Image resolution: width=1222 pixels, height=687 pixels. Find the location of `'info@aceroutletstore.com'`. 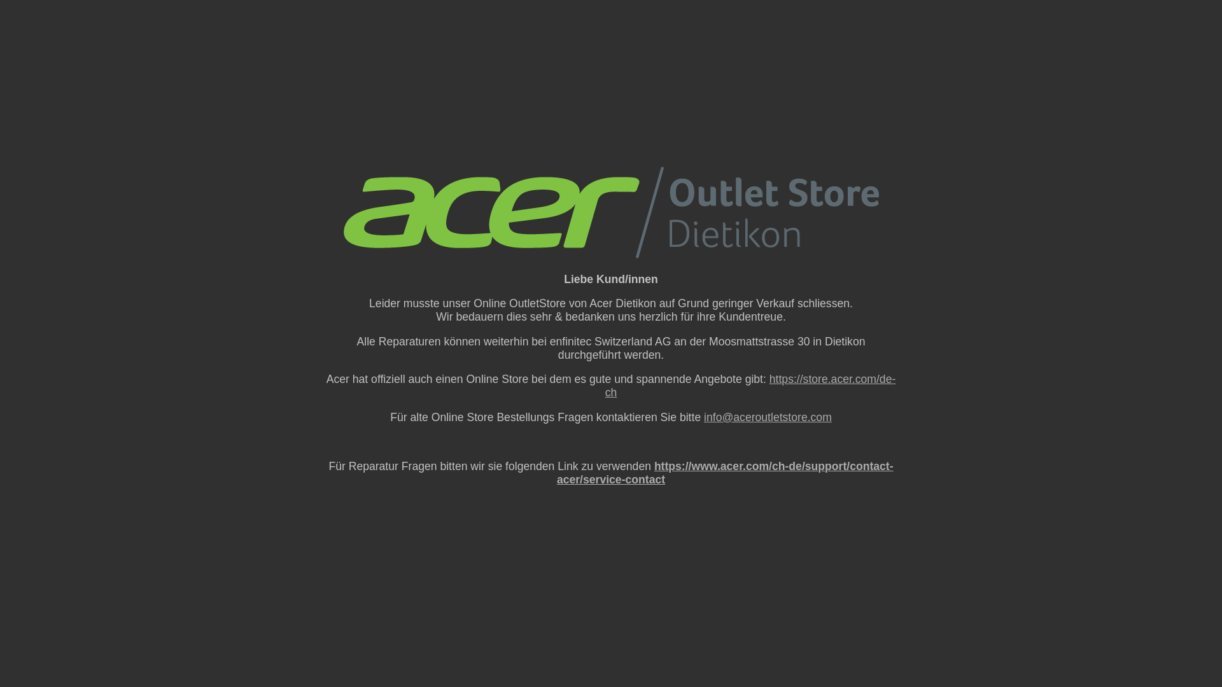

'info@aceroutletstore.com' is located at coordinates (767, 417).